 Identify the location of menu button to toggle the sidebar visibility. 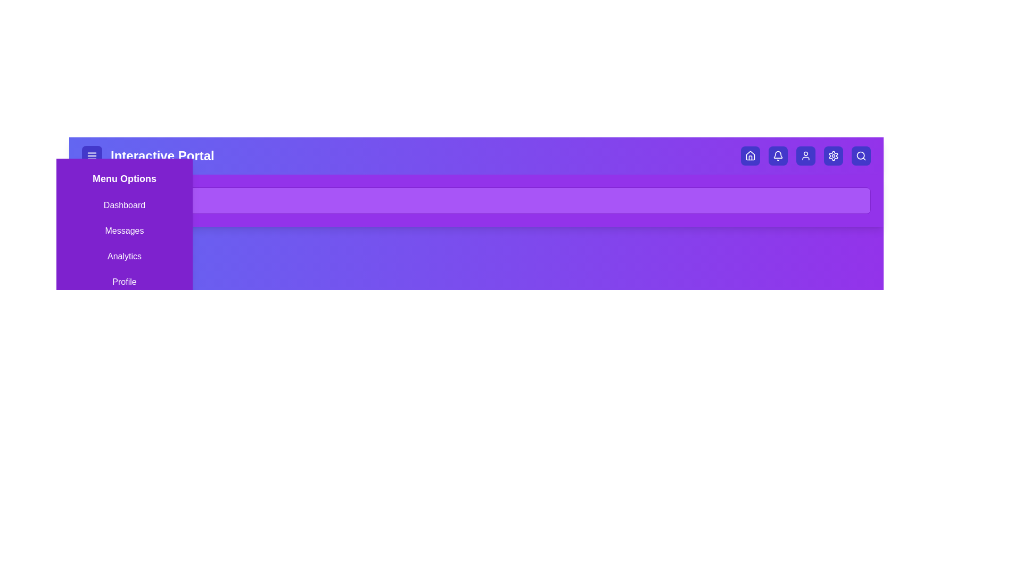
(92, 156).